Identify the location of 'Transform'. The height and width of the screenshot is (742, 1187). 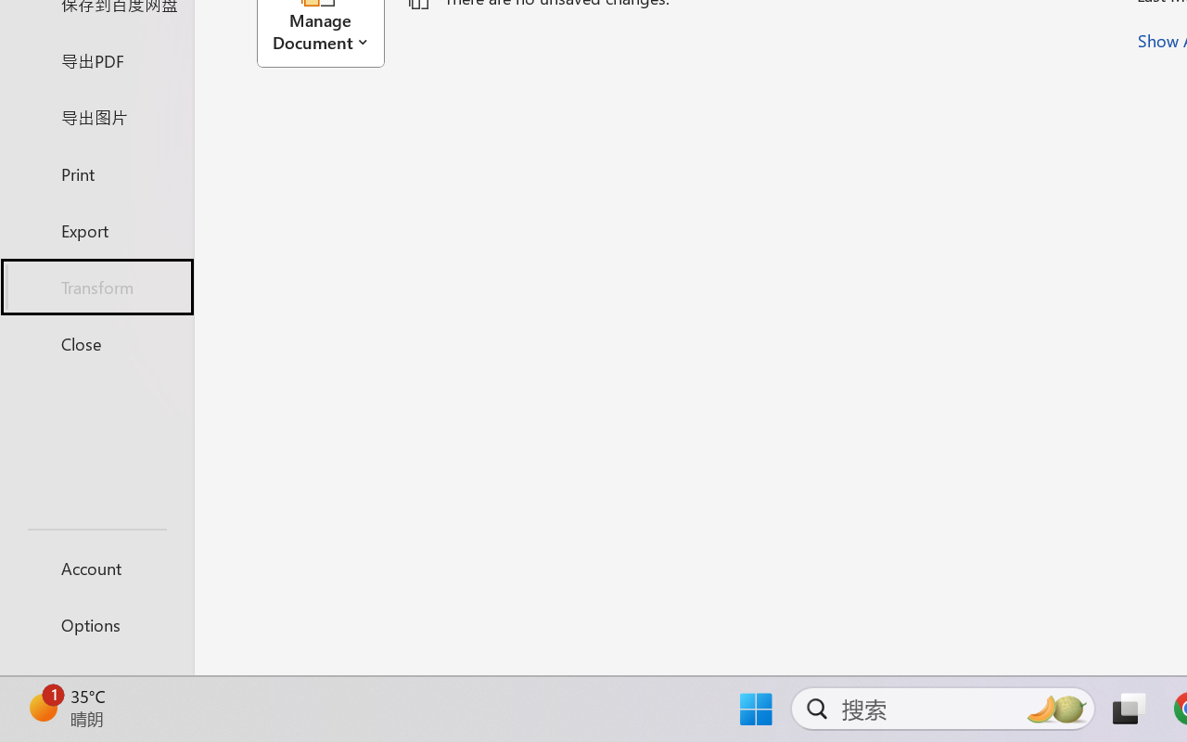
(96, 286).